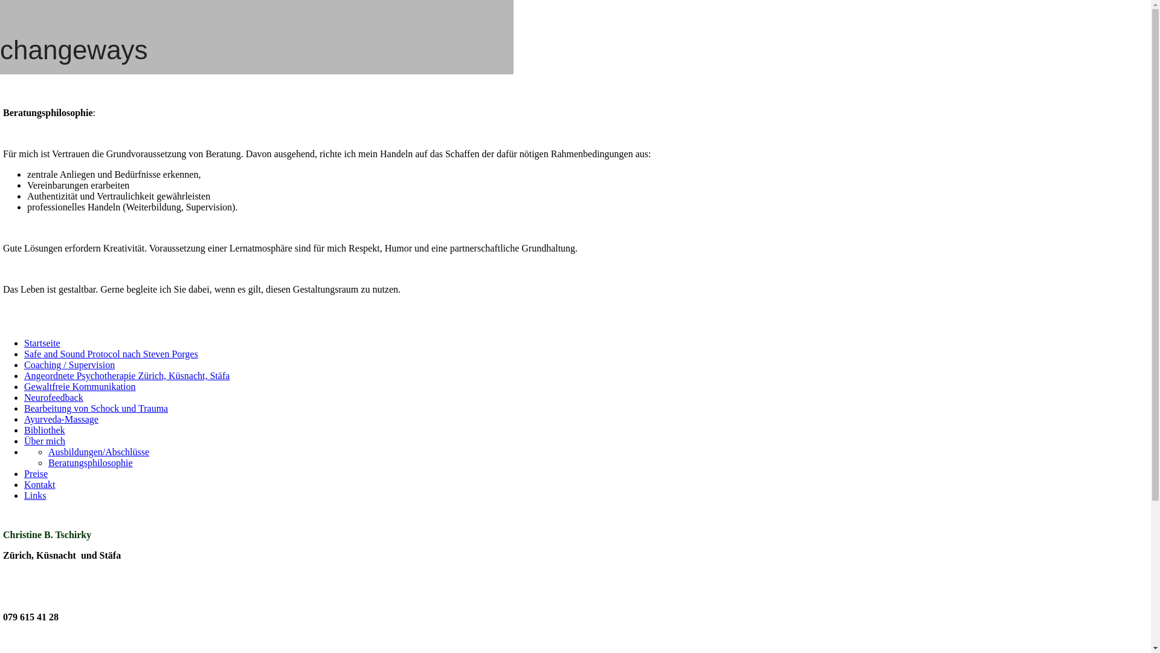  What do you see at coordinates (44, 429) in the screenshot?
I see `'Bibliothek'` at bounding box center [44, 429].